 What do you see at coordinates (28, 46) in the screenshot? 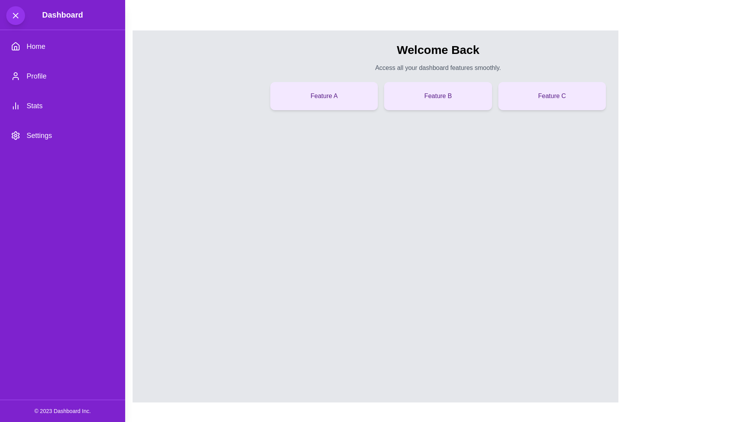
I see `the first button in the vertical list of navigation options on the left sidebar` at bounding box center [28, 46].